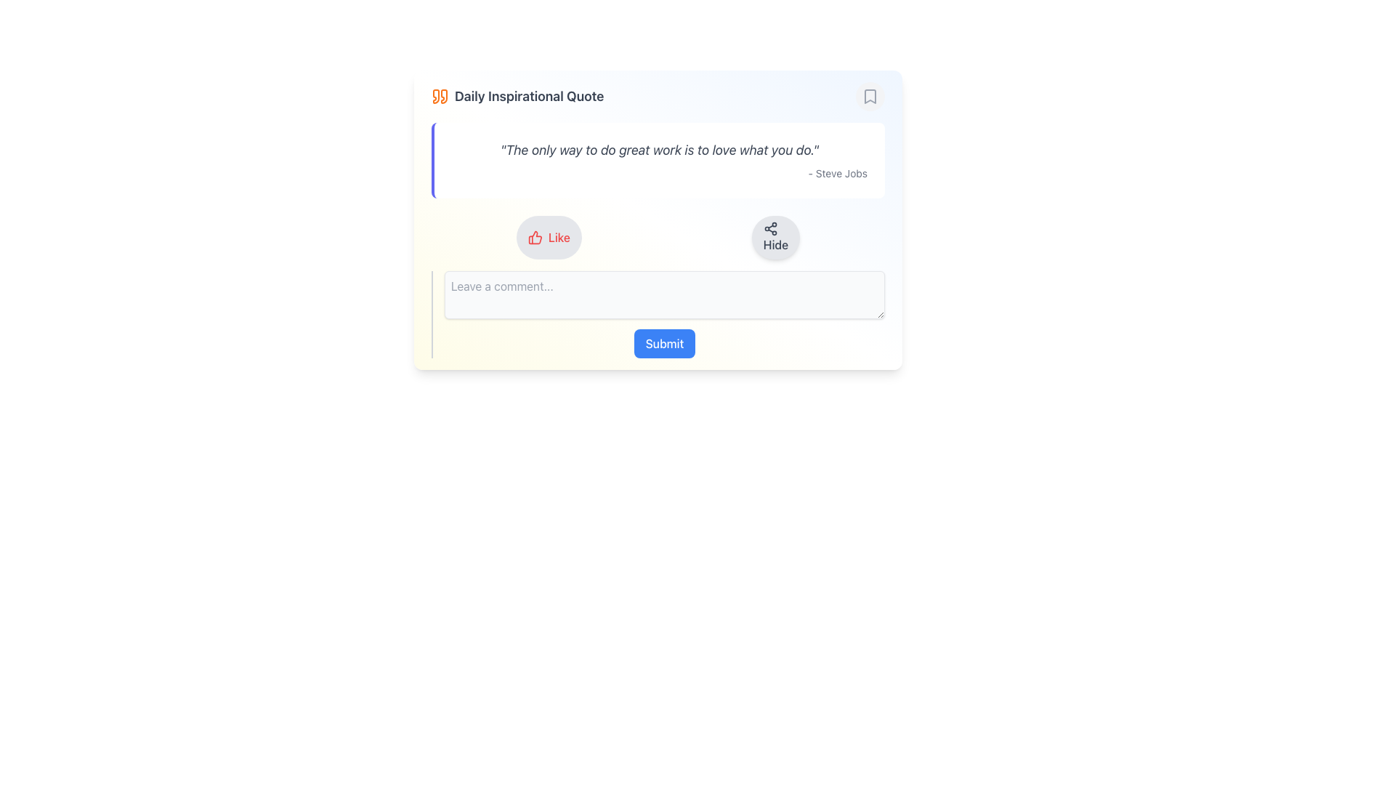 The height and width of the screenshot is (785, 1395). Describe the element at coordinates (870, 96) in the screenshot. I see `the bookmark-shaped icon located in the top-right corner of the card displaying the 'Daily Inspirational Quote' to bookmark the content` at that location.